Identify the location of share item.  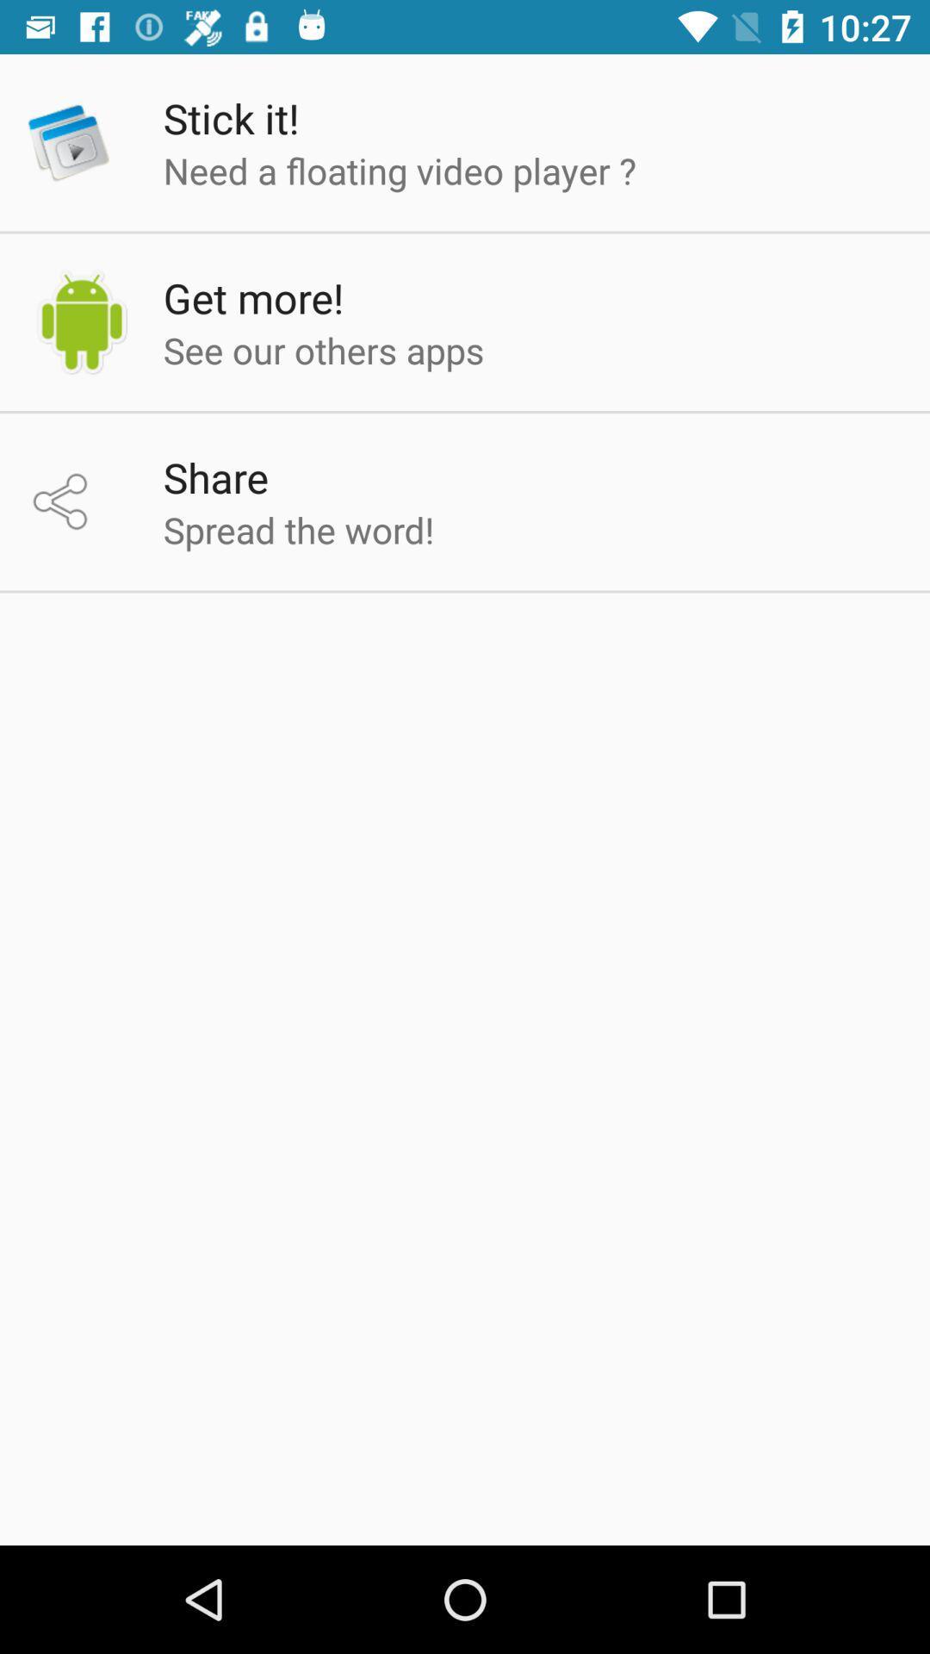
(214, 477).